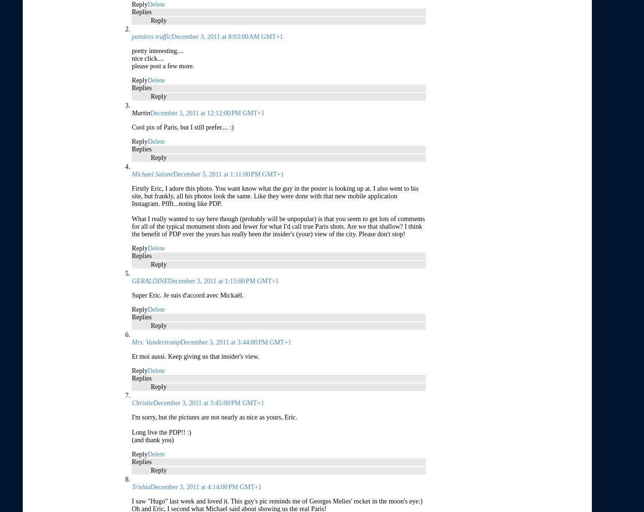 This screenshot has width=644, height=512. Describe the element at coordinates (161, 432) in the screenshot. I see `'Long live the PDP!!  :)'` at that location.